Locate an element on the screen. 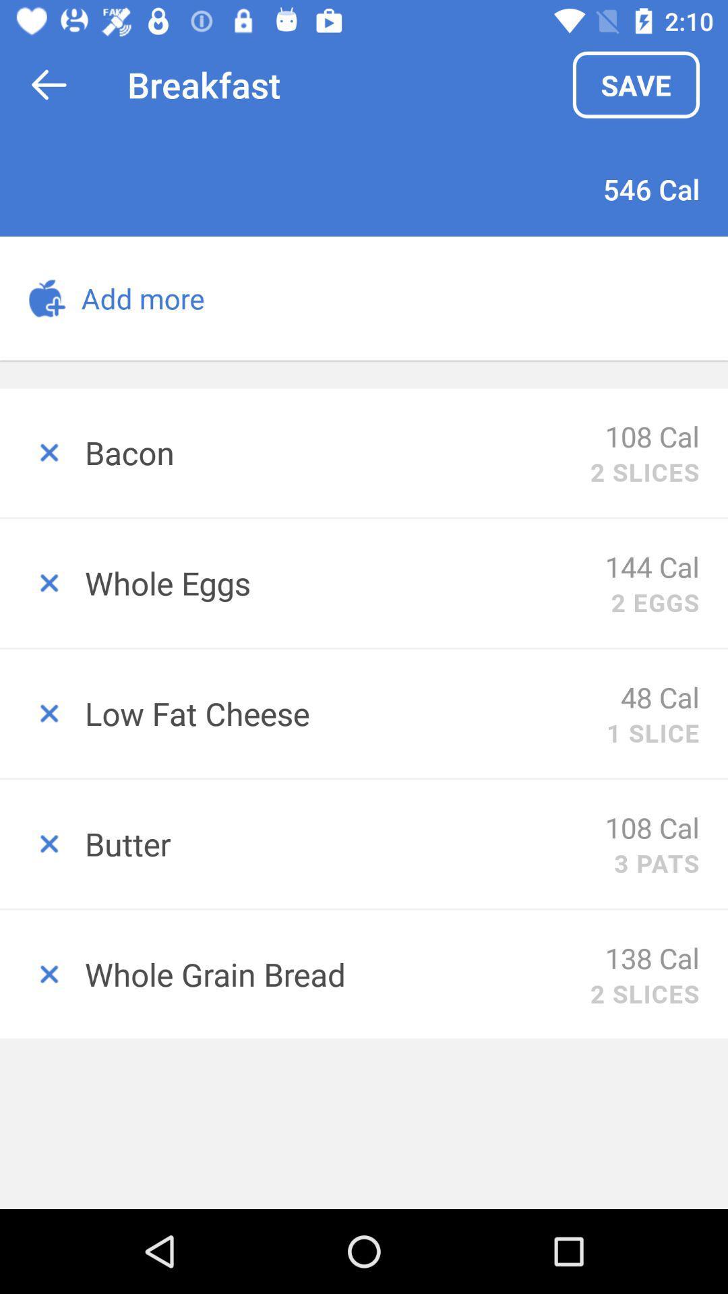  erase this is located at coordinates (41, 843).